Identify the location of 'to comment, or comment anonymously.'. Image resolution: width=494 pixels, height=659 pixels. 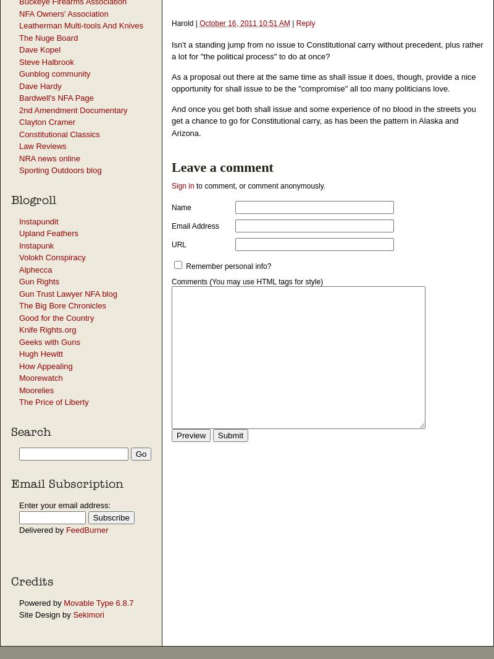
(259, 186).